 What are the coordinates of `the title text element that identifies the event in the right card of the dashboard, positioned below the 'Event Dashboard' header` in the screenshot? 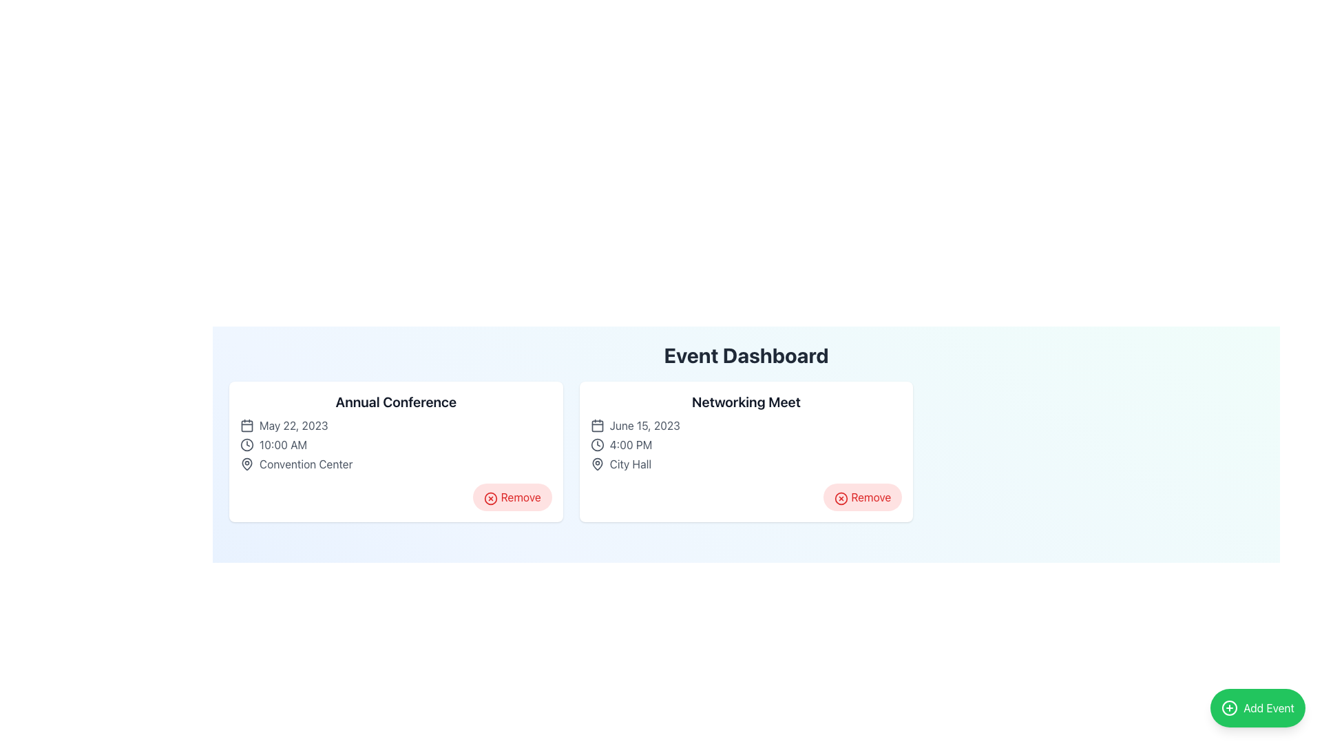 It's located at (746, 402).